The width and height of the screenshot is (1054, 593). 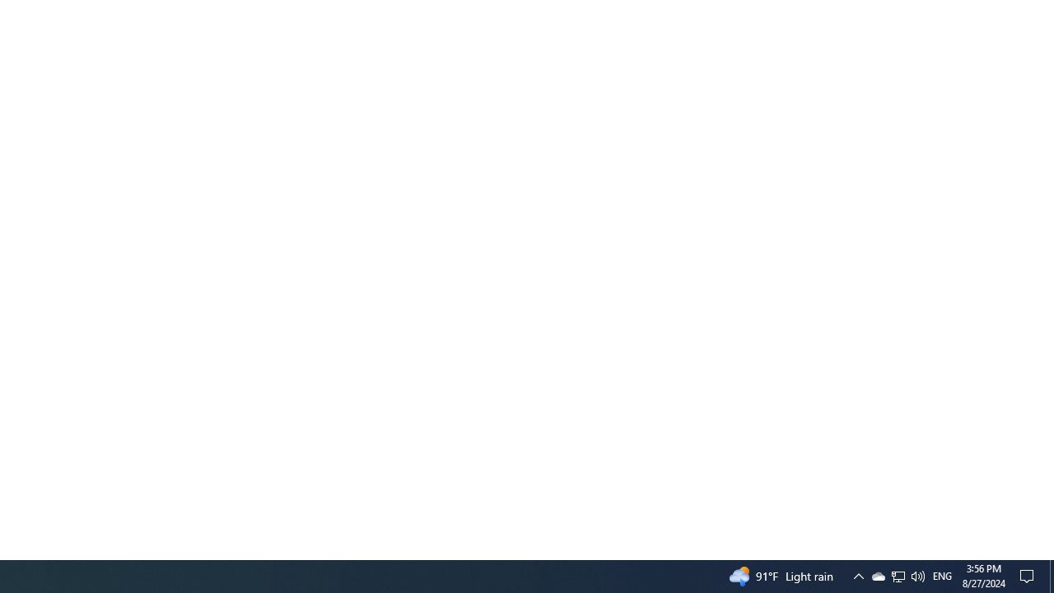 What do you see at coordinates (942, 575) in the screenshot?
I see `'Tray Input Indicator - English (United States)'` at bounding box center [942, 575].